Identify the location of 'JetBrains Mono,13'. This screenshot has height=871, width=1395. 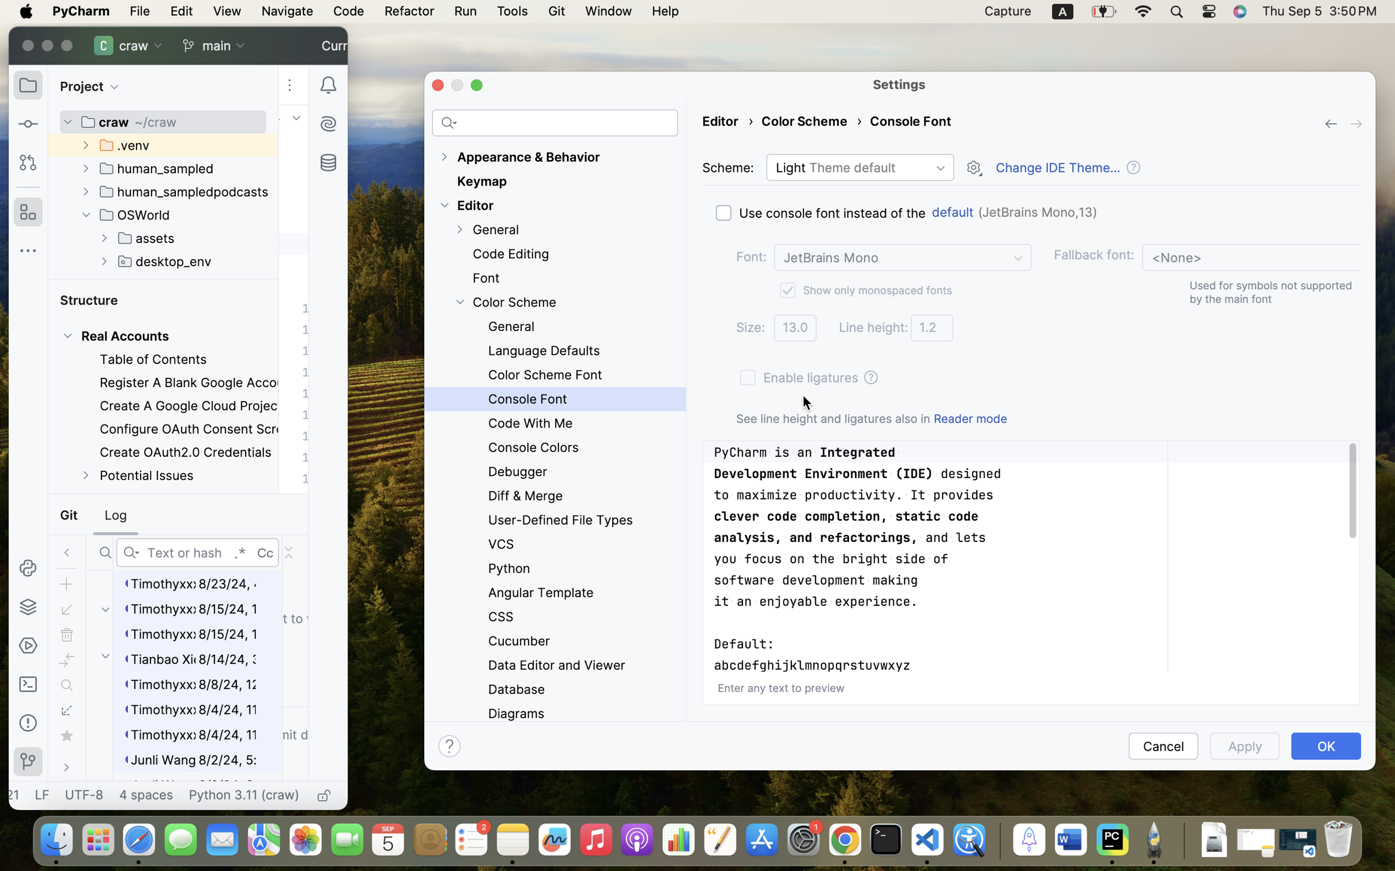
(1037, 211).